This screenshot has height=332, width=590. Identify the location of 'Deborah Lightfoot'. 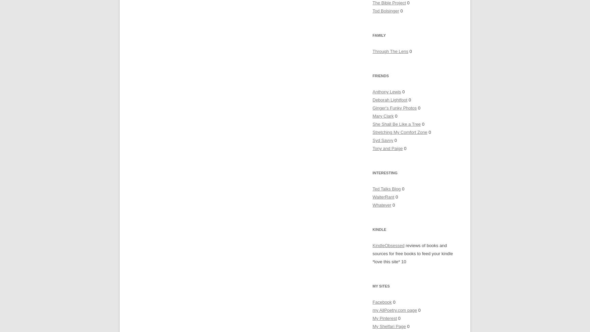
(389, 100).